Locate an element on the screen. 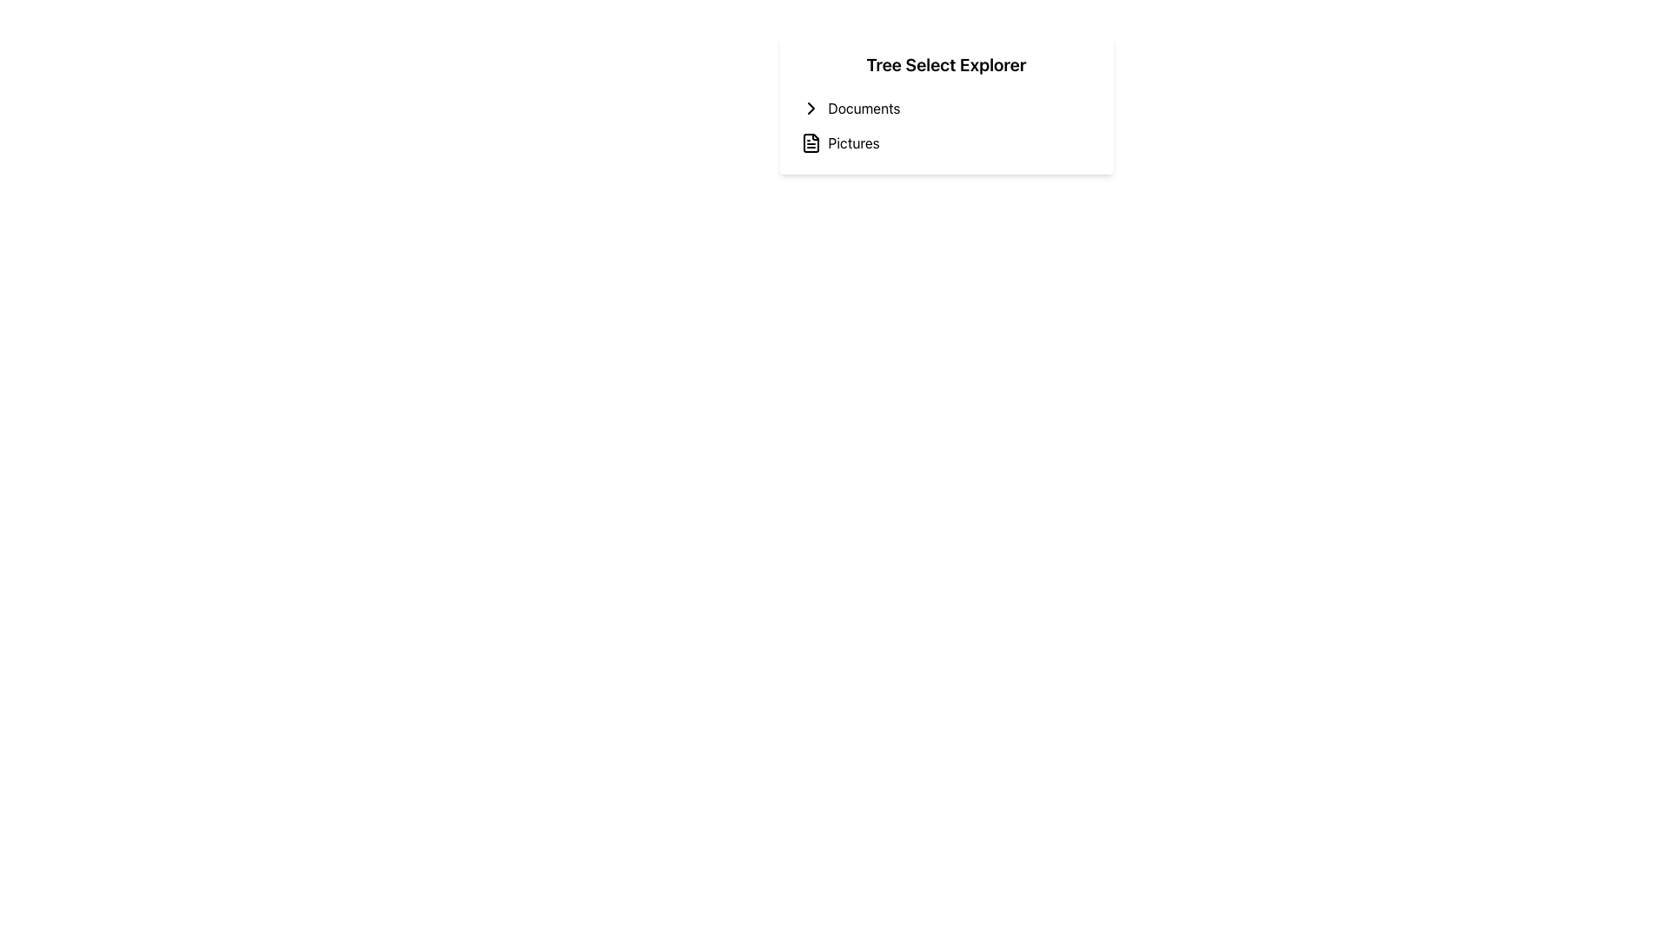 Image resolution: width=1668 pixels, height=938 pixels. the second list item labeled 'Pictures' under the 'Tree Select Explorer' is located at coordinates (945, 142).